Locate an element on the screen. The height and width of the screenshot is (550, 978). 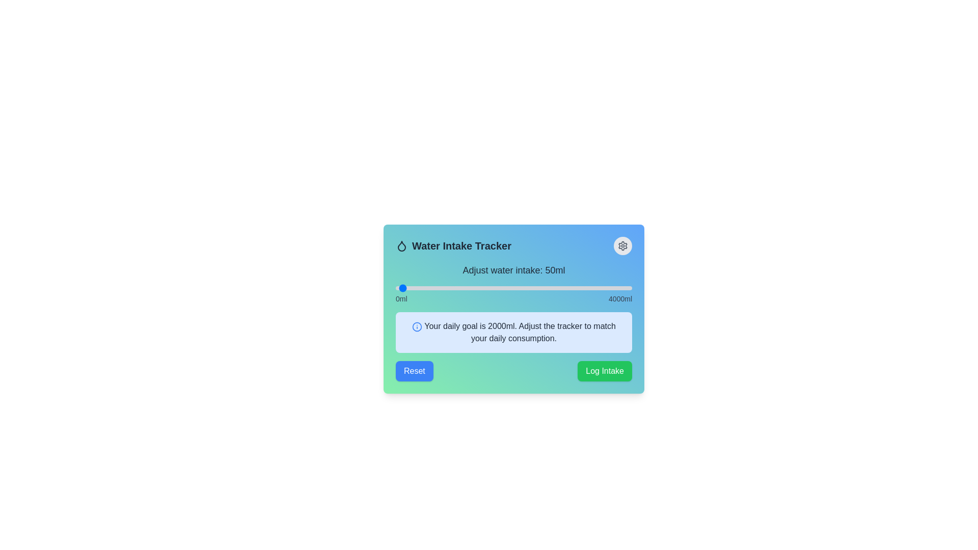
the circular settings button located at the top-right corner of the 'Water Intake Tracker' section, which has a light grey background and a dark grey gear icon is located at coordinates (622, 245).